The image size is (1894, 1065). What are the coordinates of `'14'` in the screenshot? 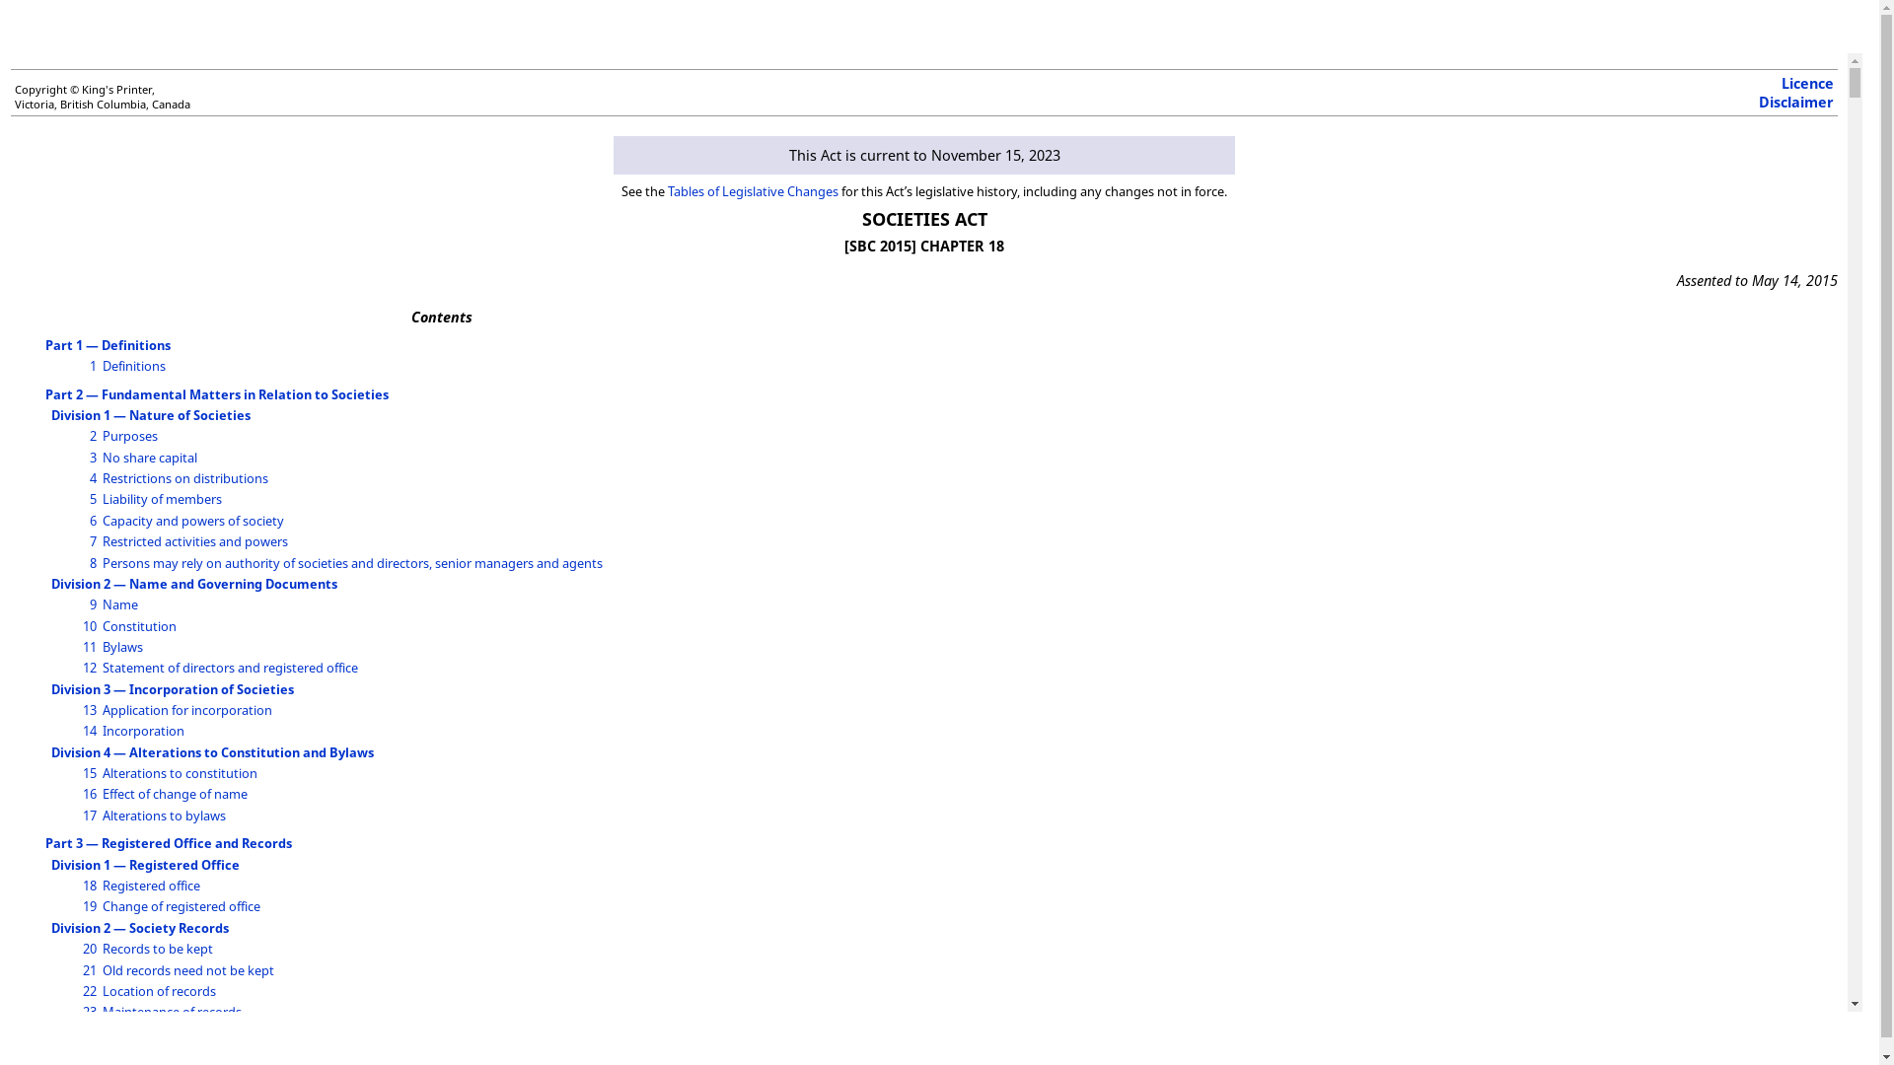 It's located at (89, 730).